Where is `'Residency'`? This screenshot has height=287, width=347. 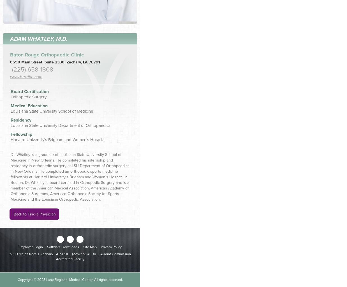
'Residency' is located at coordinates (10, 119).